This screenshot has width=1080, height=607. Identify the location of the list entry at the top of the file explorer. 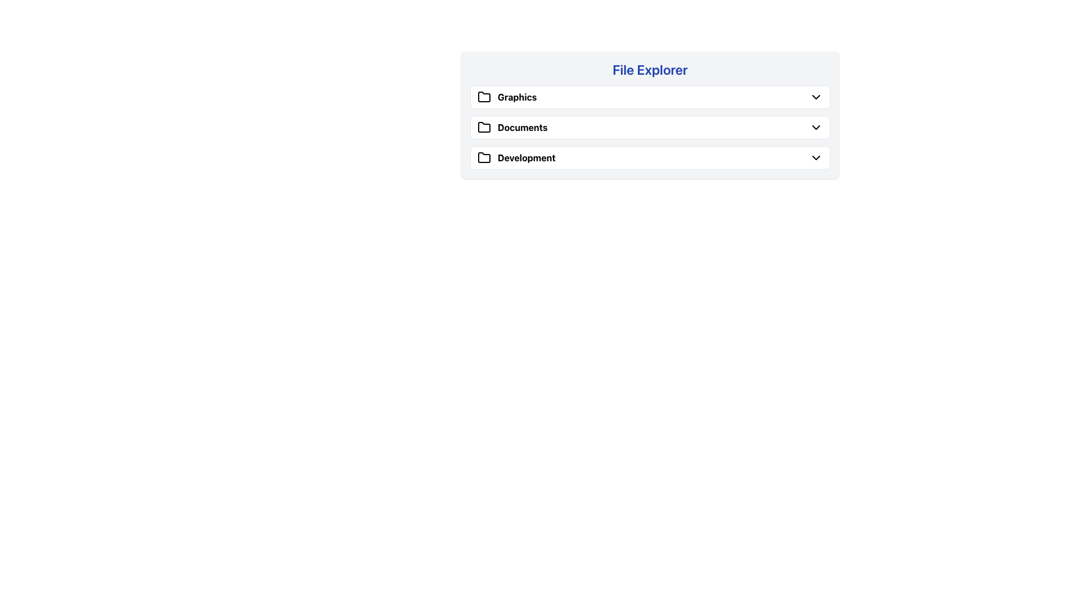
(650, 97).